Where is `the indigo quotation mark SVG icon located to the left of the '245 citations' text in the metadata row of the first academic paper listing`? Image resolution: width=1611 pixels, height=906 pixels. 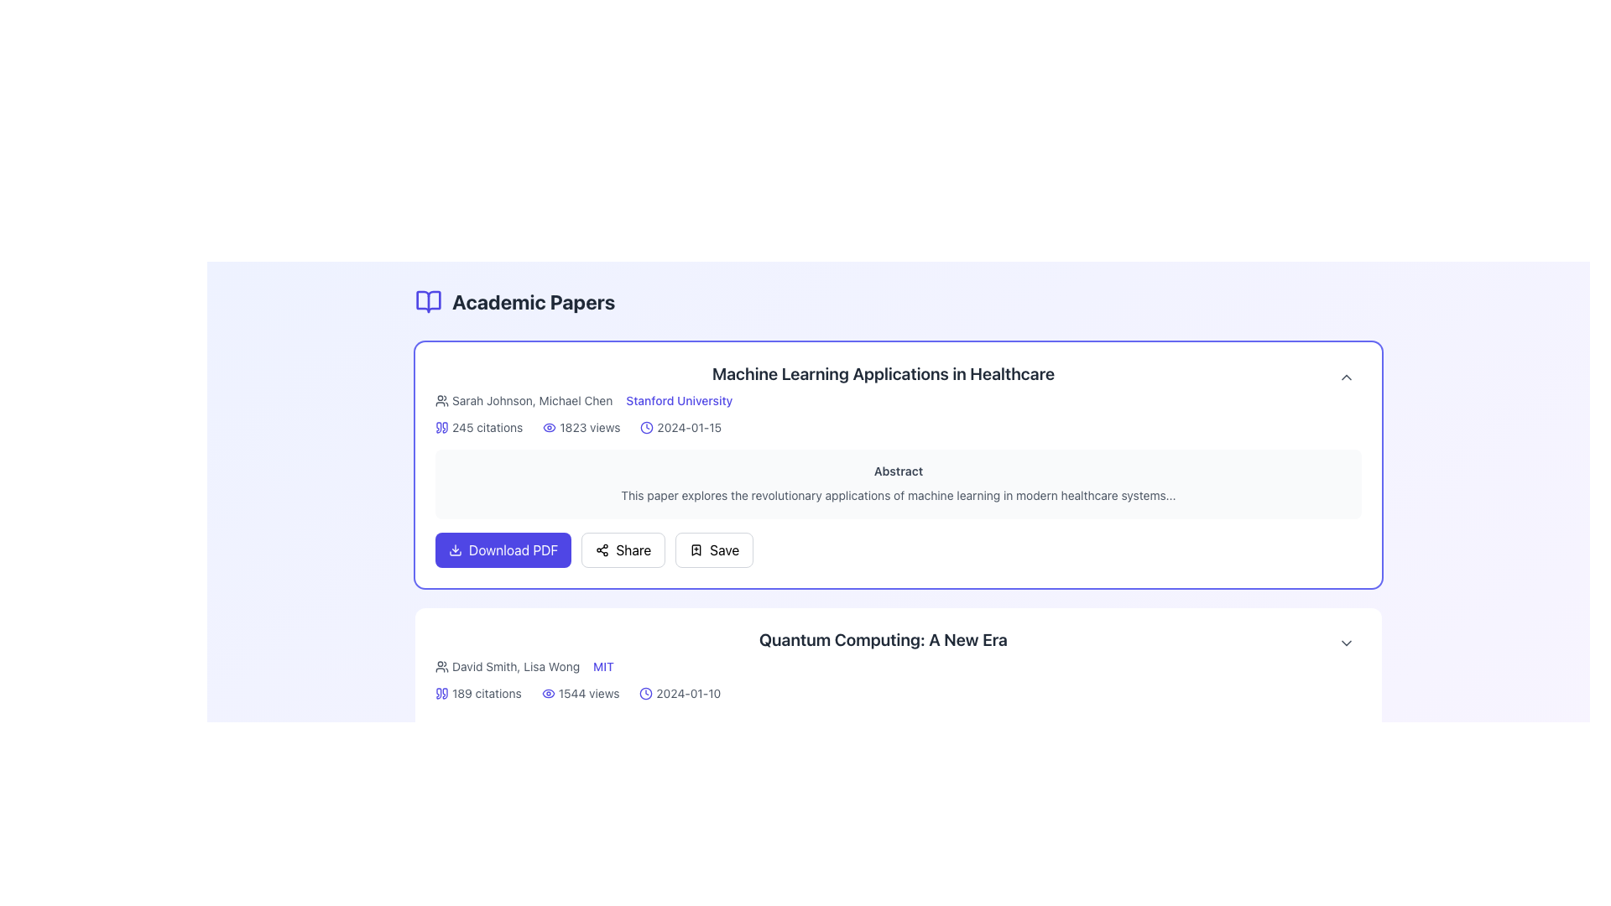 the indigo quotation mark SVG icon located to the left of the '245 citations' text in the metadata row of the first academic paper listing is located at coordinates (442, 426).